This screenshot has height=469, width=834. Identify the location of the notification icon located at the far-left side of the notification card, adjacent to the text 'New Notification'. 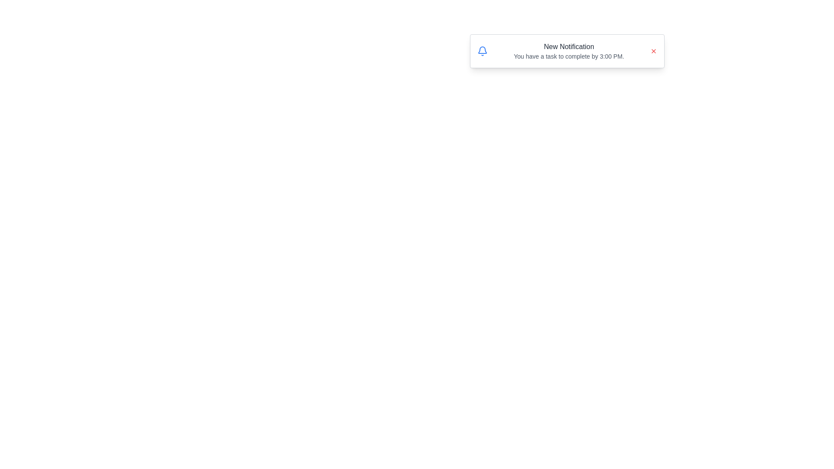
(482, 51).